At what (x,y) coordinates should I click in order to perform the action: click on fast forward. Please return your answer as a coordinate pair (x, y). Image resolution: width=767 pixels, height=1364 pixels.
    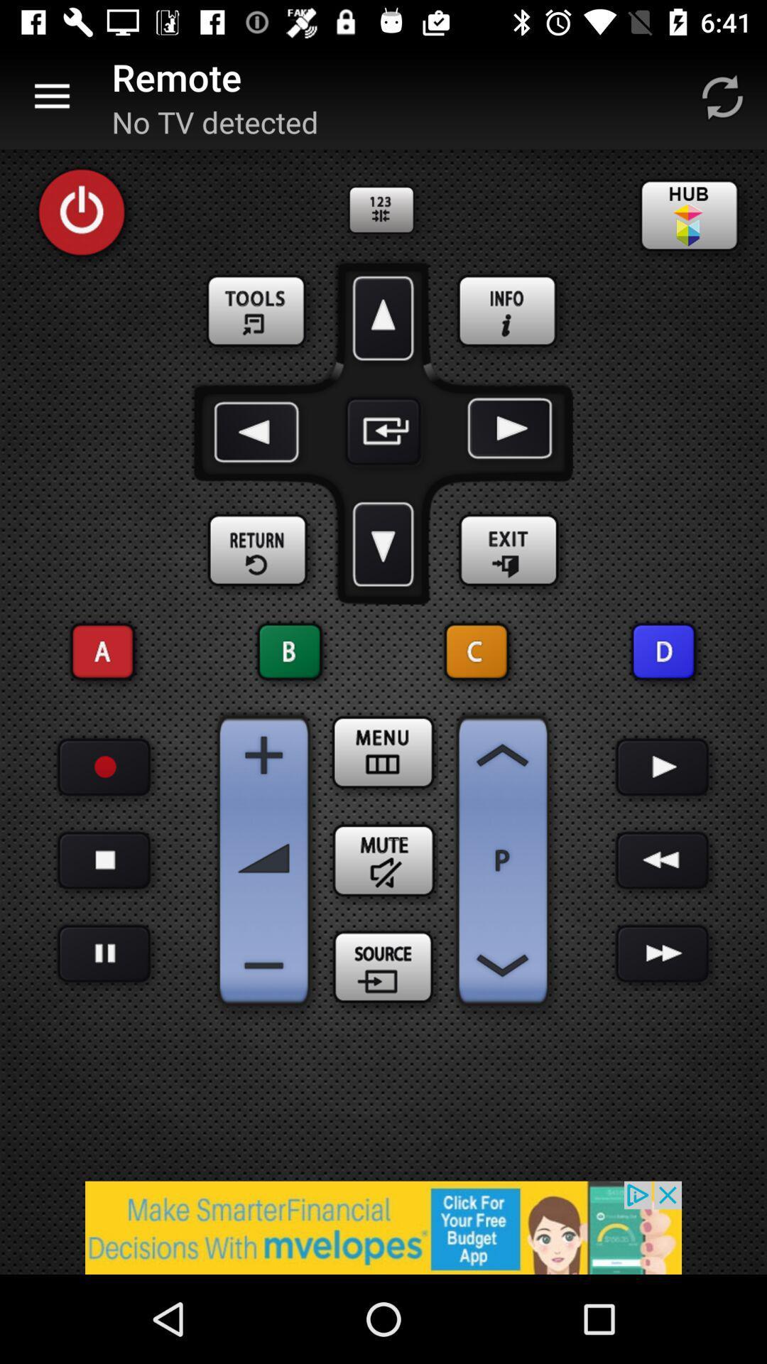
    Looking at the image, I should click on (663, 953).